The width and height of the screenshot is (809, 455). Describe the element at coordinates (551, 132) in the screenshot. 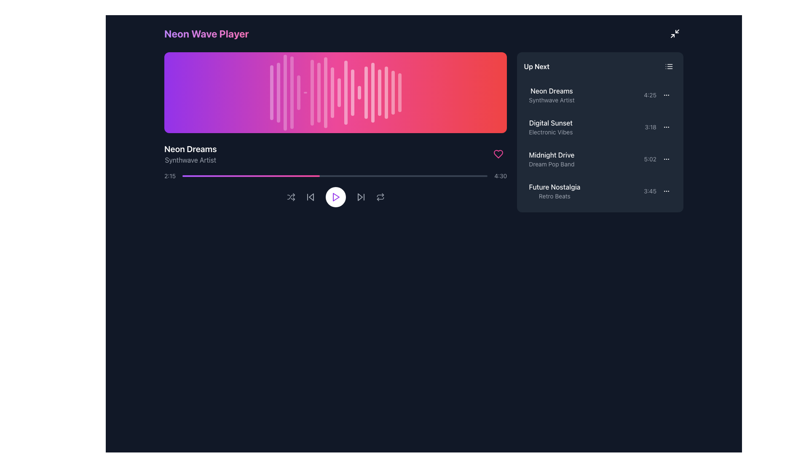

I see `the Text label providing additional information about the track labeled 'Digital Sunset' located in the 'Up Next' list, underneath 'Digital Sunset' and aligned to its left edge` at that location.